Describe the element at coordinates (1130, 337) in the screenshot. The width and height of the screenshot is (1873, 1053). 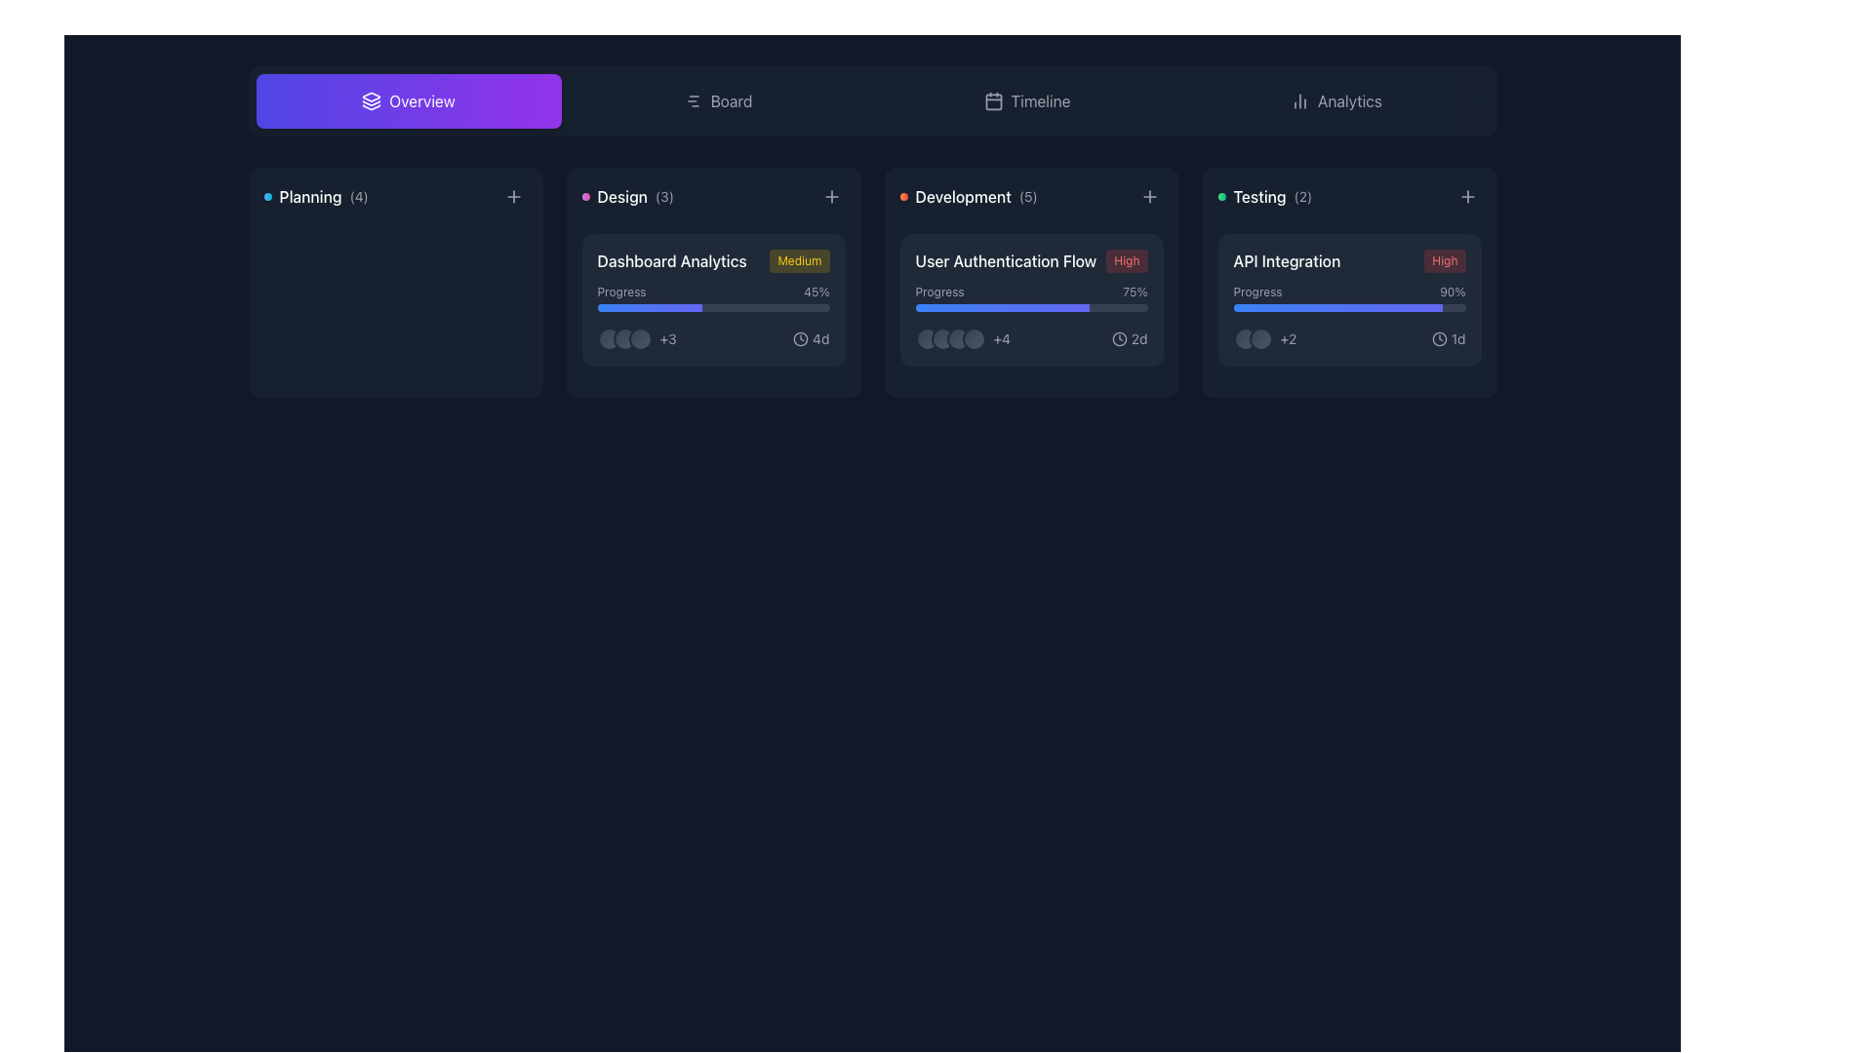
I see `the clock icon and '2d' text element located in the 'Development' card below the title 'User Authentication Flow' to access associated card actions` at that location.